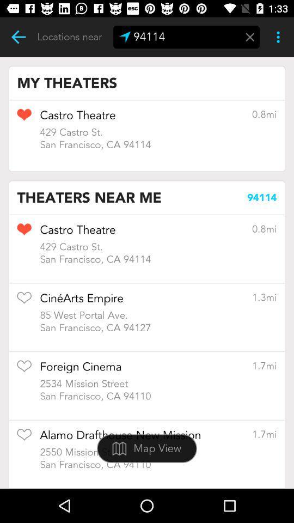  I want to click on like, so click(24, 118).